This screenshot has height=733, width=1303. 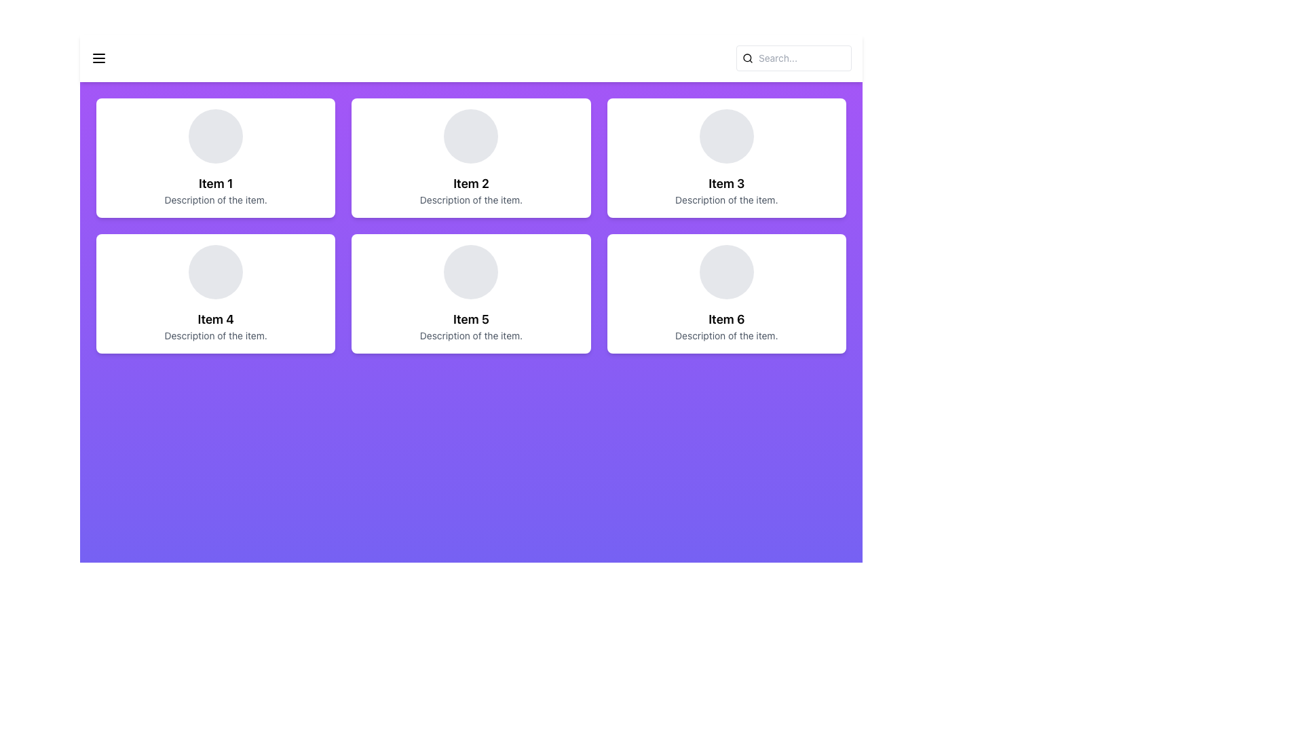 What do you see at coordinates (801, 57) in the screenshot?
I see `the search input field located at the top-right of the interface to focus on it` at bounding box center [801, 57].